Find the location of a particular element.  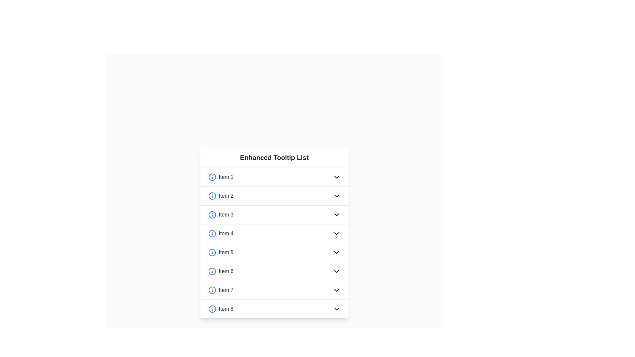

the downward-facing chevron icon of the 'Item 2' row in the 'Enhanced Tooltip List' is located at coordinates (336, 196).